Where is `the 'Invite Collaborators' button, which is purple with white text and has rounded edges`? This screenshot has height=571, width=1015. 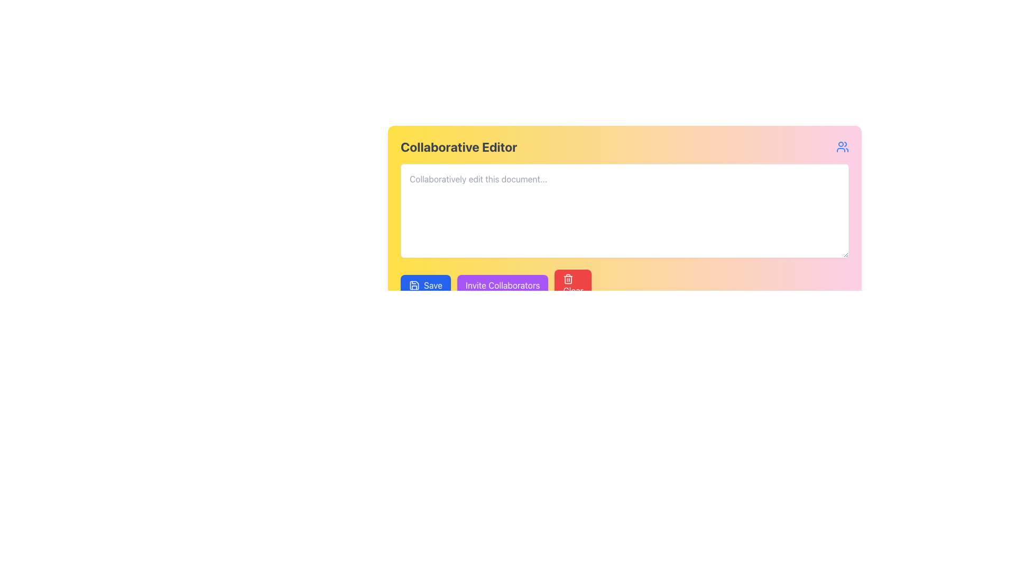
the 'Invite Collaborators' button, which is purple with white text and has rounded edges is located at coordinates (502, 285).